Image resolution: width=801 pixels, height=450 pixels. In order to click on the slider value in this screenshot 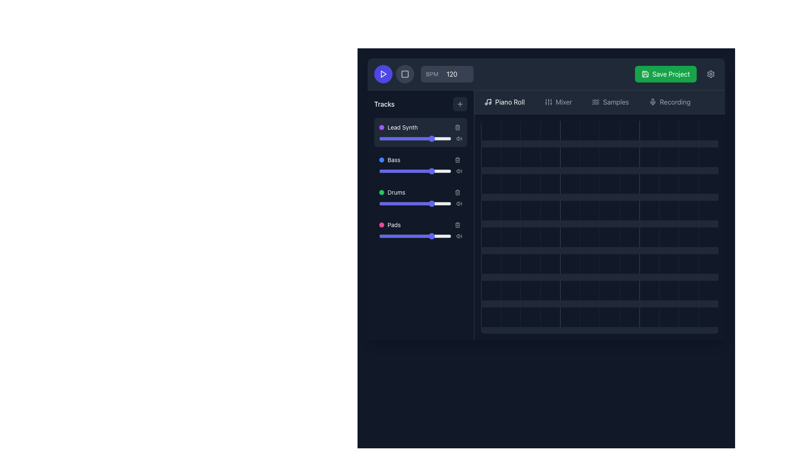, I will do `click(427, 204)`.